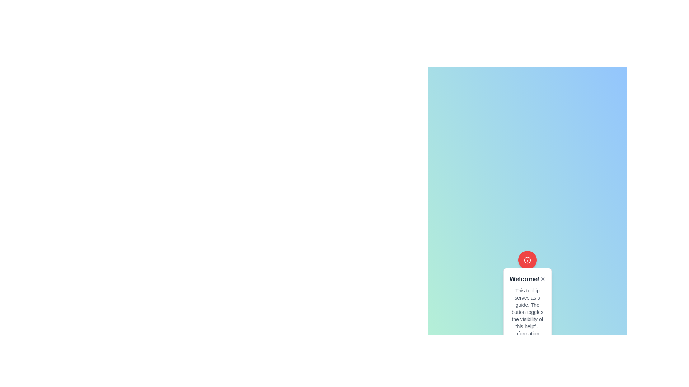  I want to click on the 'Welcome!' text component at the top of the tooltip, which serves as a header or title for the tooltip and is aligned horizontally with an interactive close button on its right, so click(527, 280).